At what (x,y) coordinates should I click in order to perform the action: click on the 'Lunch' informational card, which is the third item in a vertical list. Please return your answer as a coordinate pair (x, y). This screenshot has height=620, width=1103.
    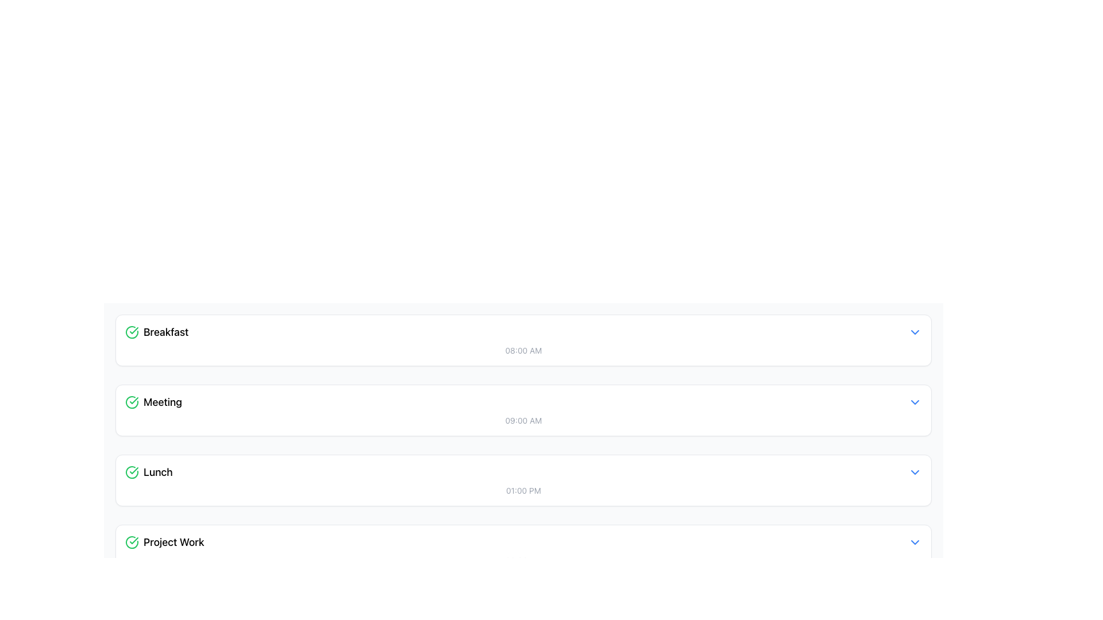
    Looking at the image, I should click on (523, 480).